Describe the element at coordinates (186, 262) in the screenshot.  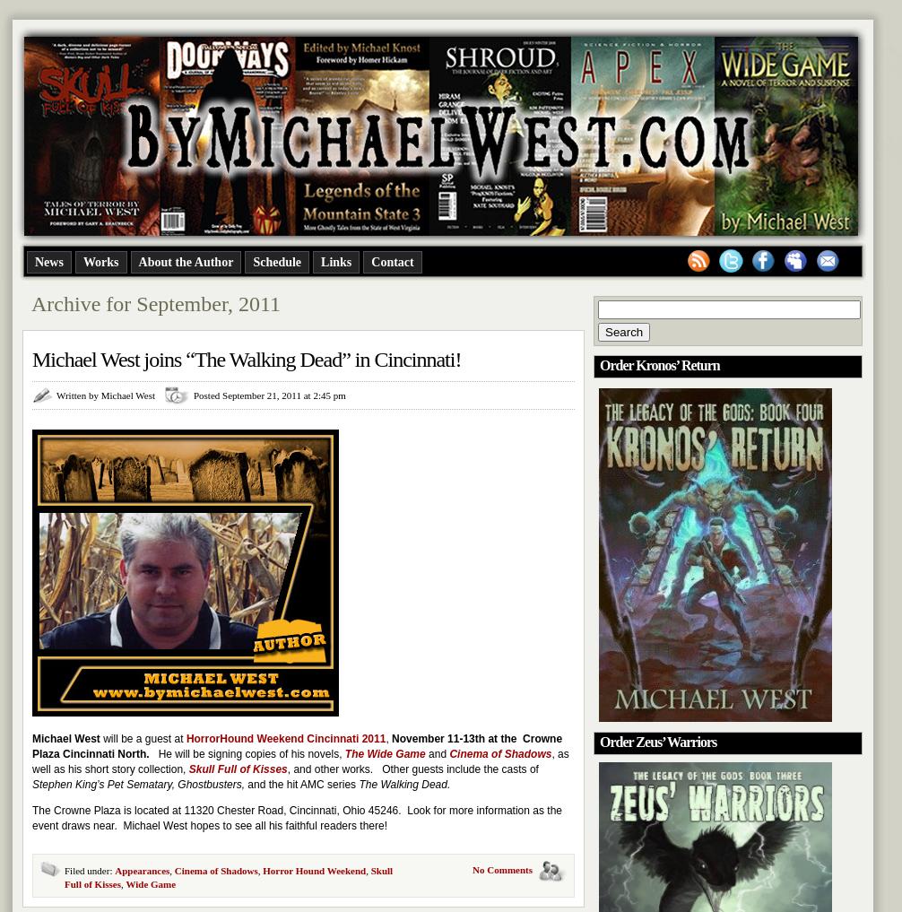
I see `'About the Author'` at that location.